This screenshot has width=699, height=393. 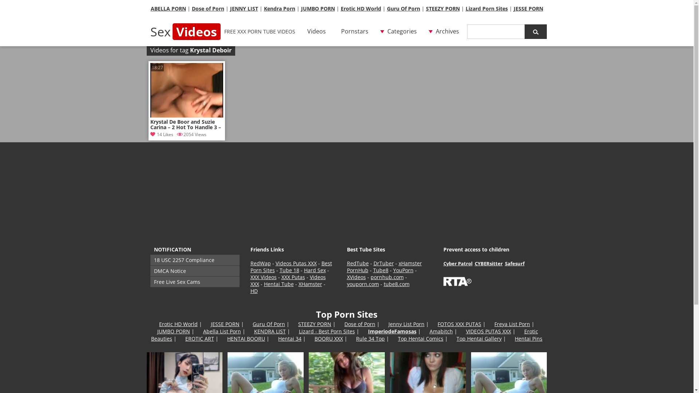 What do you see at coordinates (459, 323) in the screenshot?
I see `'FOTOS XXX PUTAS'` at bounding box center [459, 323].